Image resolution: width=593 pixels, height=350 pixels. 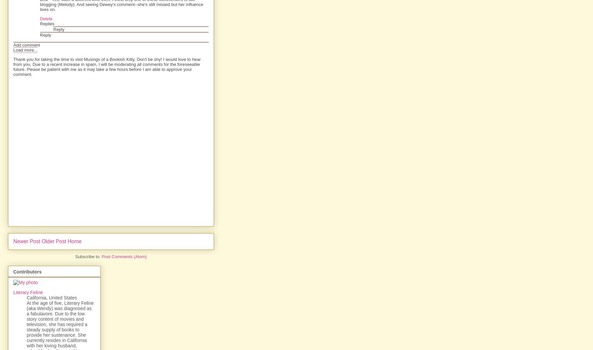 What do you see at coordinates (46, 18) in the screenshot?
I see `'Delete'` at bounding box center [46, 18].